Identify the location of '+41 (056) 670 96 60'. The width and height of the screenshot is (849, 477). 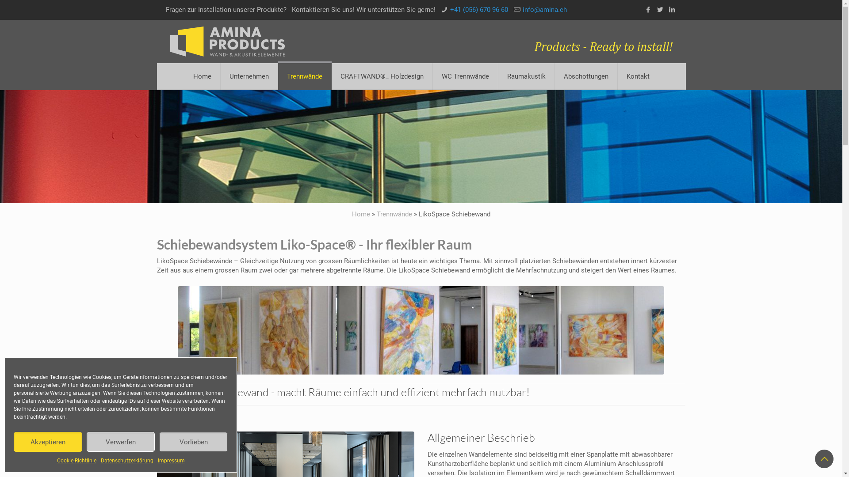
(478, 10).